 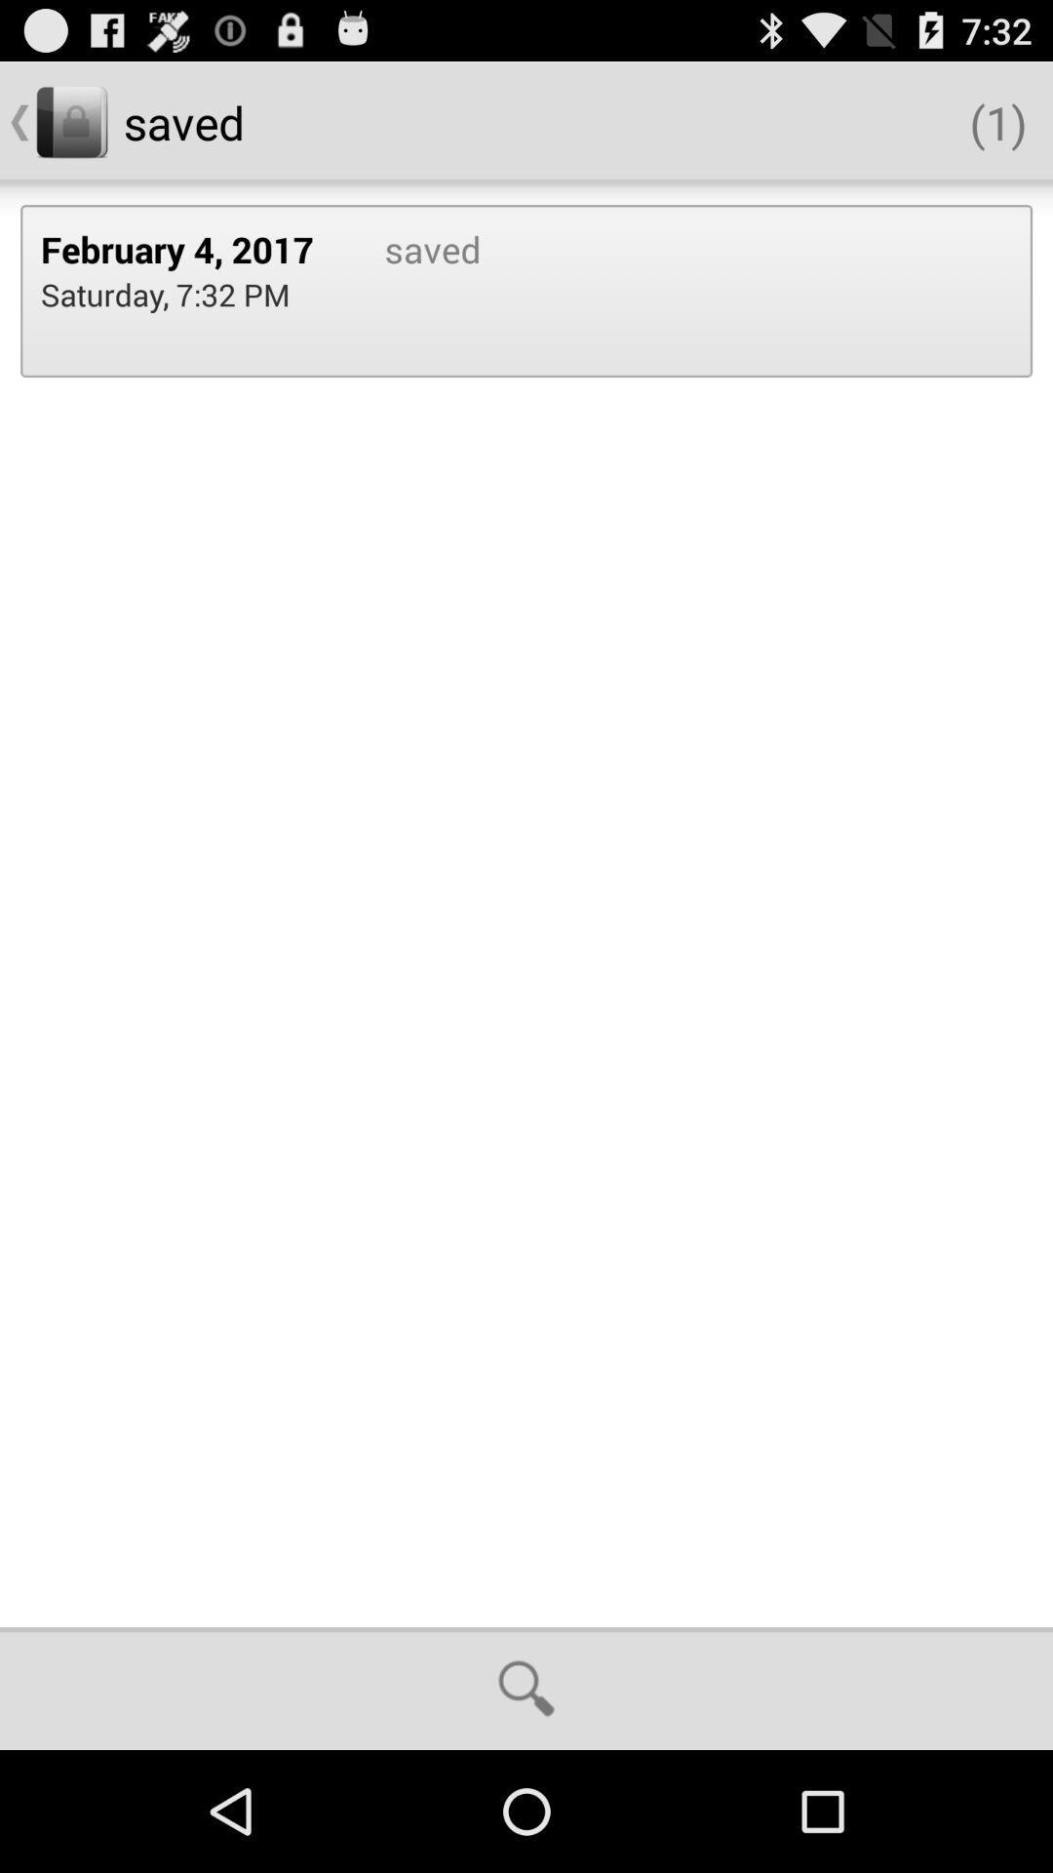 What do you see at coordinates (526, 1688) in the screenshot?
I see `app below saved app` at bounding box center [526, 1688].